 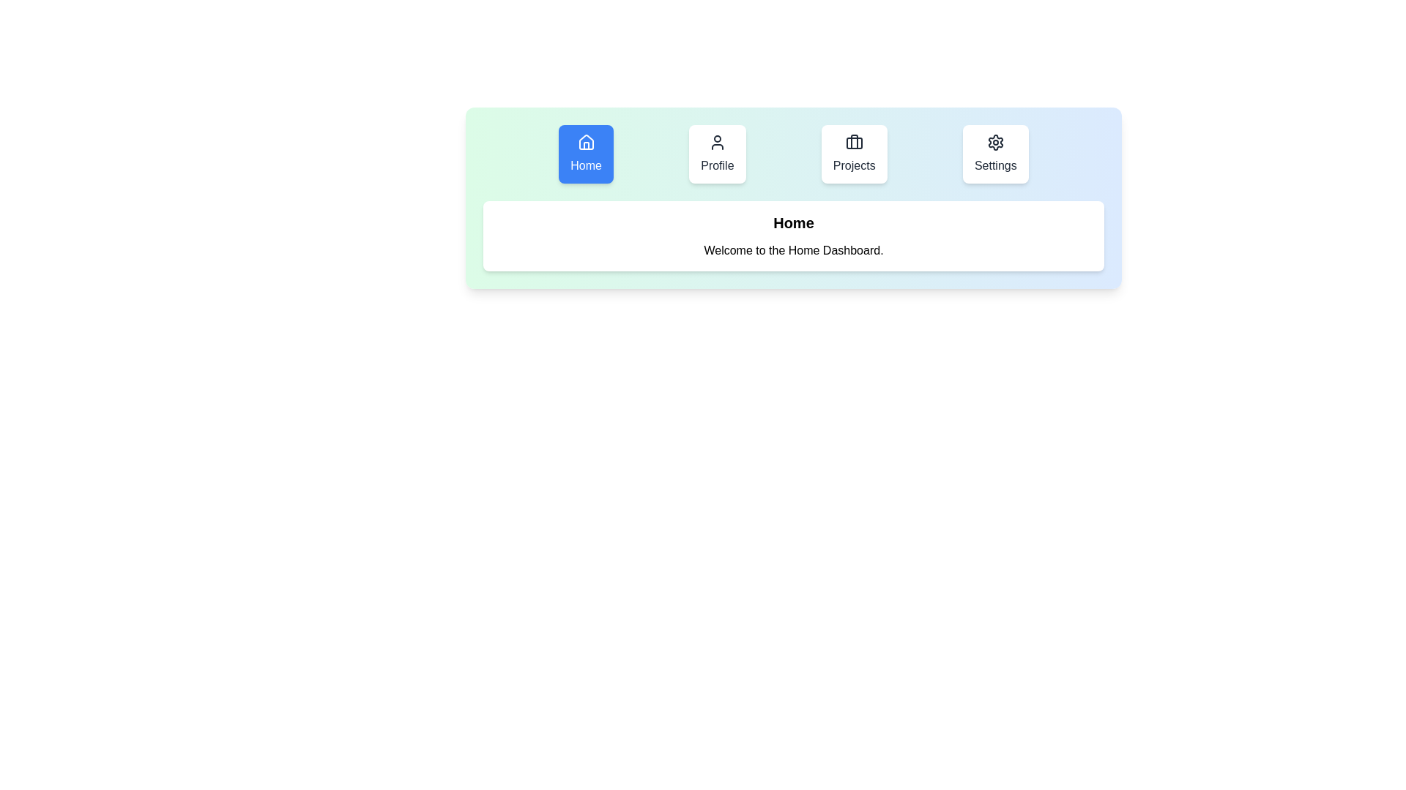 What do you see at coordinates (995, 154) in the screenshot?
I see `the Settings tab by clicking on it` at bounding box center [995, 154].